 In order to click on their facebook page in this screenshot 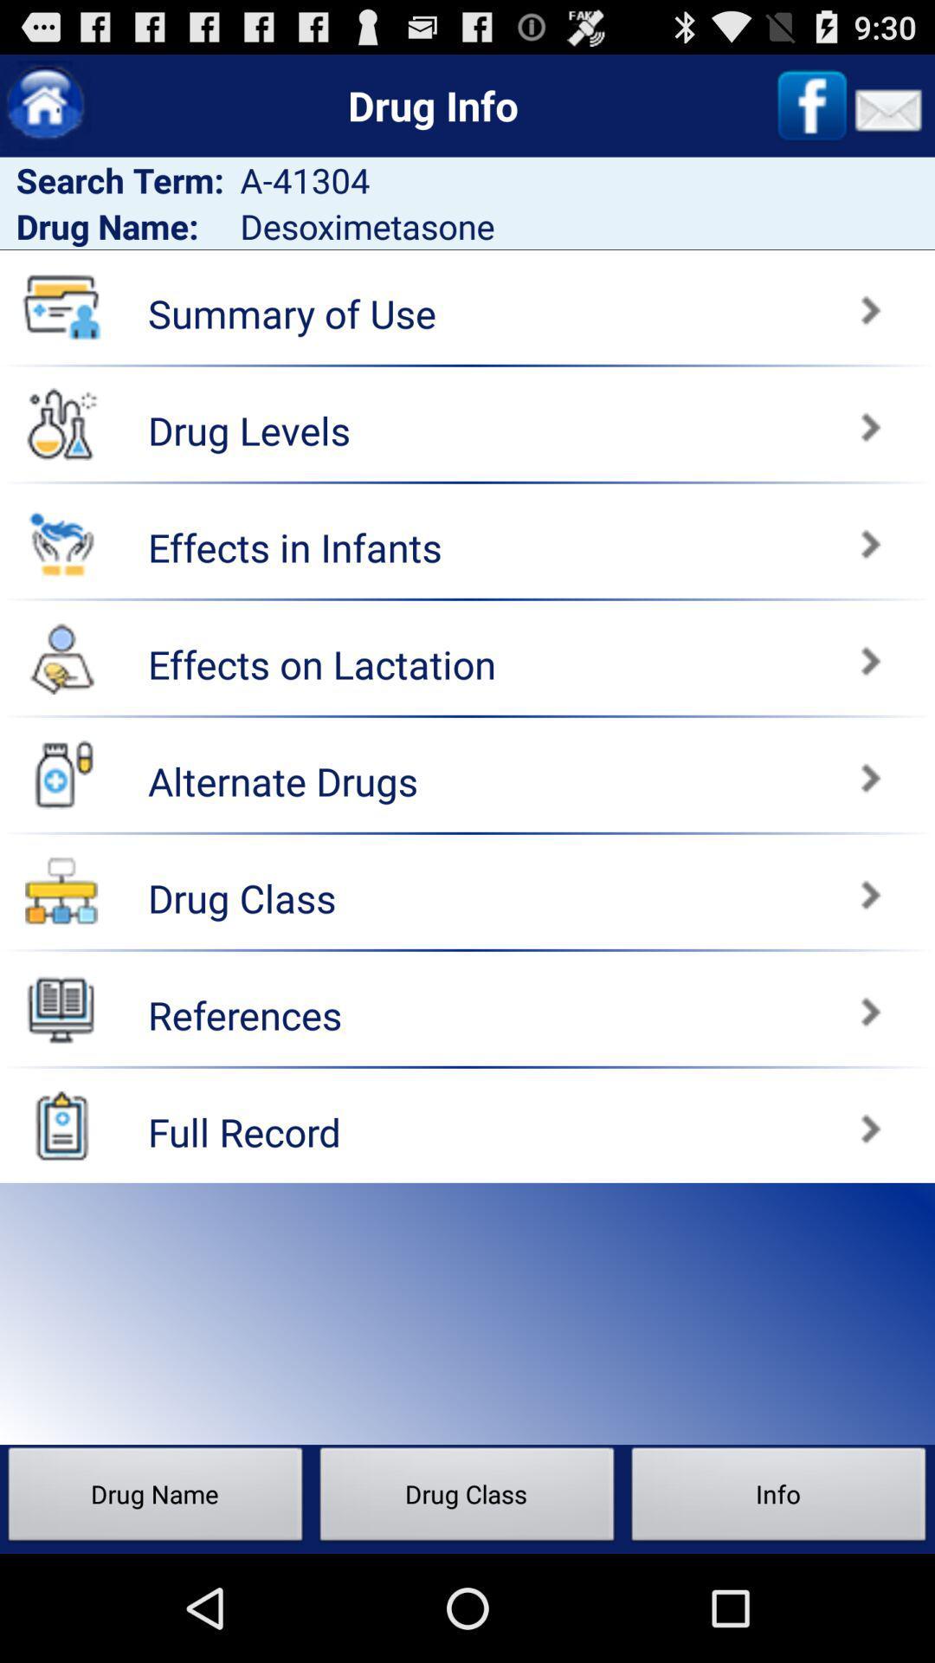, I will do `click(812, 105)`.